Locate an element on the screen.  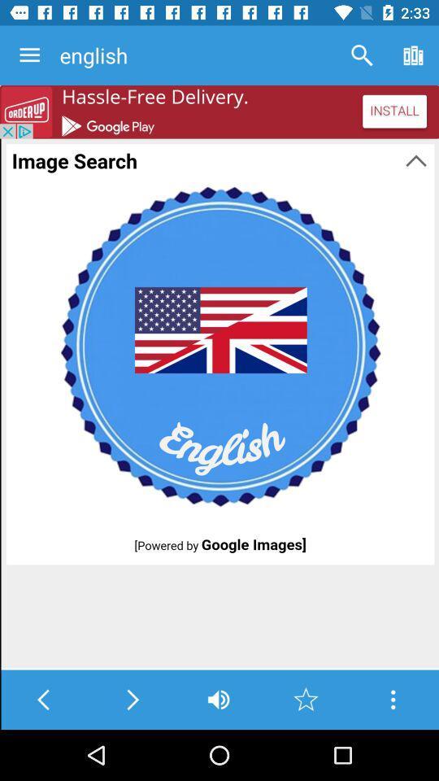
the current element is located at coordinates (306, 699).